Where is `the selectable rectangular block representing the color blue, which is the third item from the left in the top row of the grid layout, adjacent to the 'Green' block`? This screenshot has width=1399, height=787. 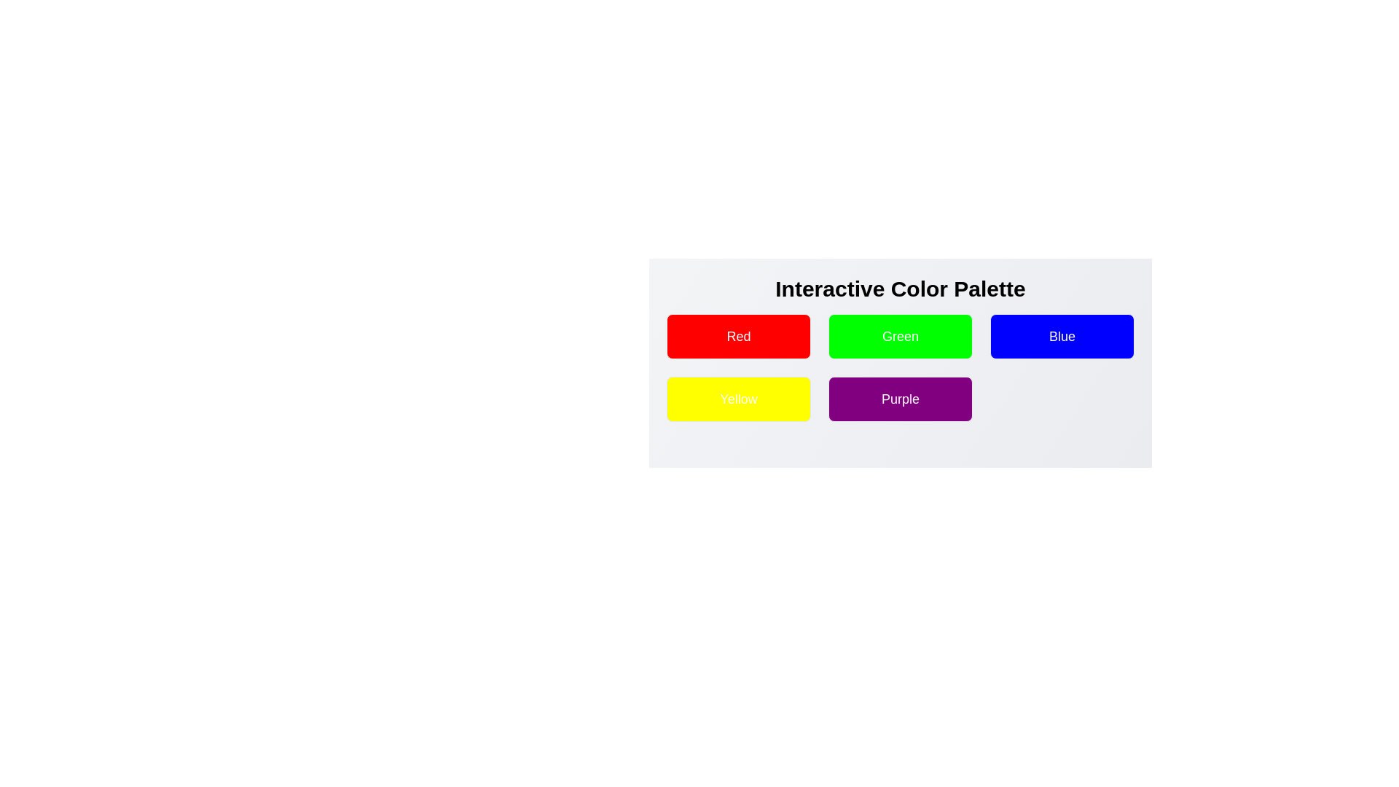 the selectable rectangular block representing the color blue, which is the third item from the left in the top row of the grid layout, adjacent to the 'Green' block is located at coordinates (1062, 337).